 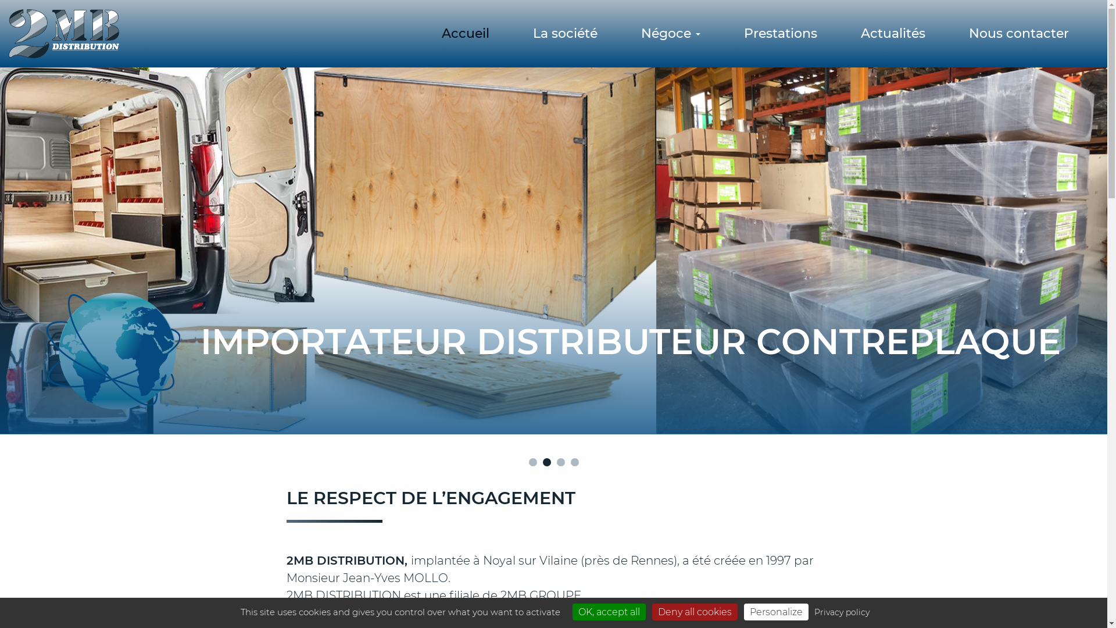 I want to click on 'Prestations', so click(x=781, y=33).